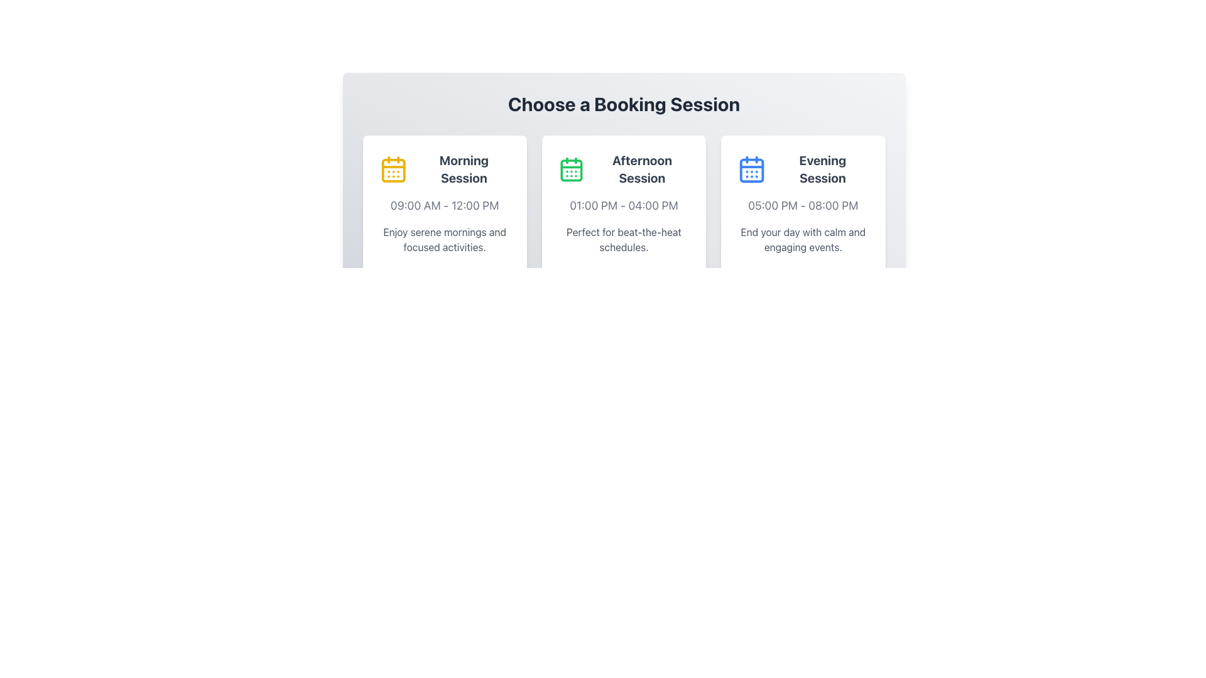 This screenshot has width=1206, height=678. Describe the element at coordinates (682, 277) in the screenshot. I see `the circular SVG graphic element with a radius of 10, located below the Afternoon Session card in the Choose a Booking Session interface` at that location.